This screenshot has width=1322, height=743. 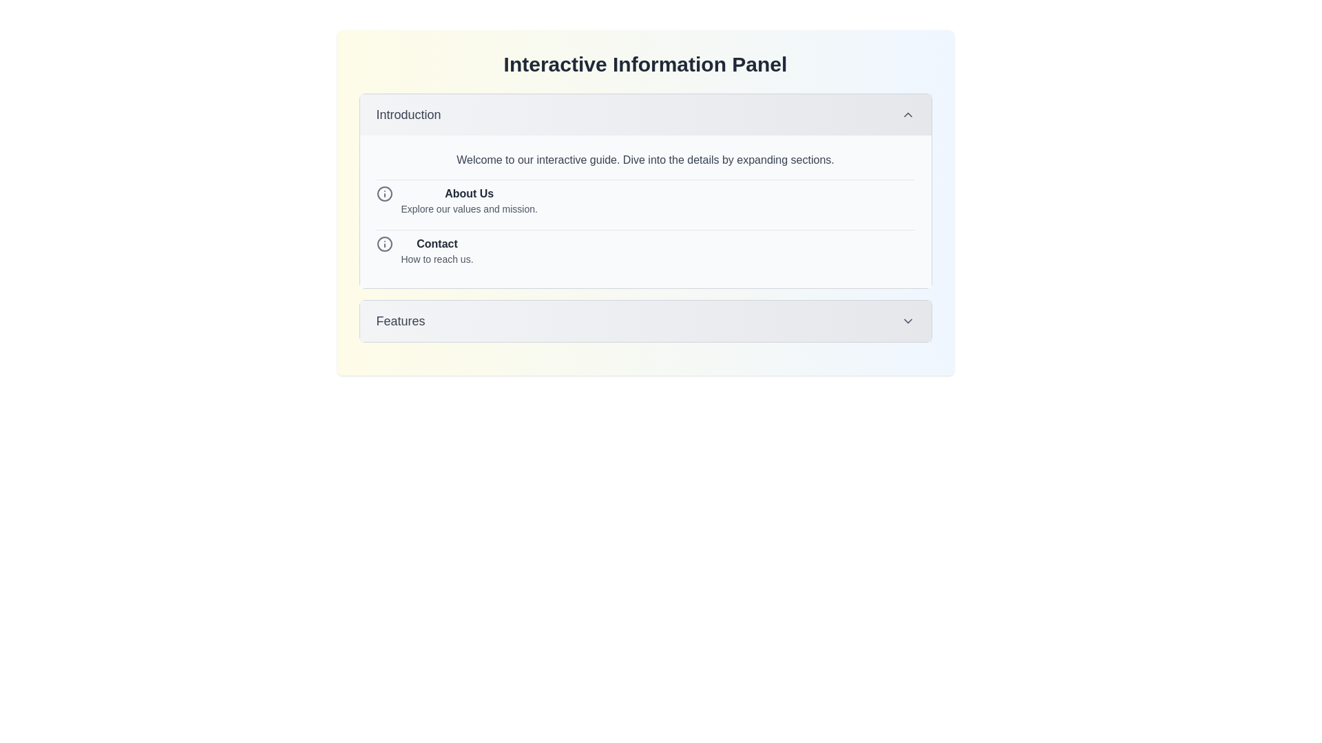 What do you see at coordinates (408, 114) in the screenshot?
I see `text of the Label located at the top-left corner of the section with a gradient background, serving as the title for the section` at bounding box center [408, 114].